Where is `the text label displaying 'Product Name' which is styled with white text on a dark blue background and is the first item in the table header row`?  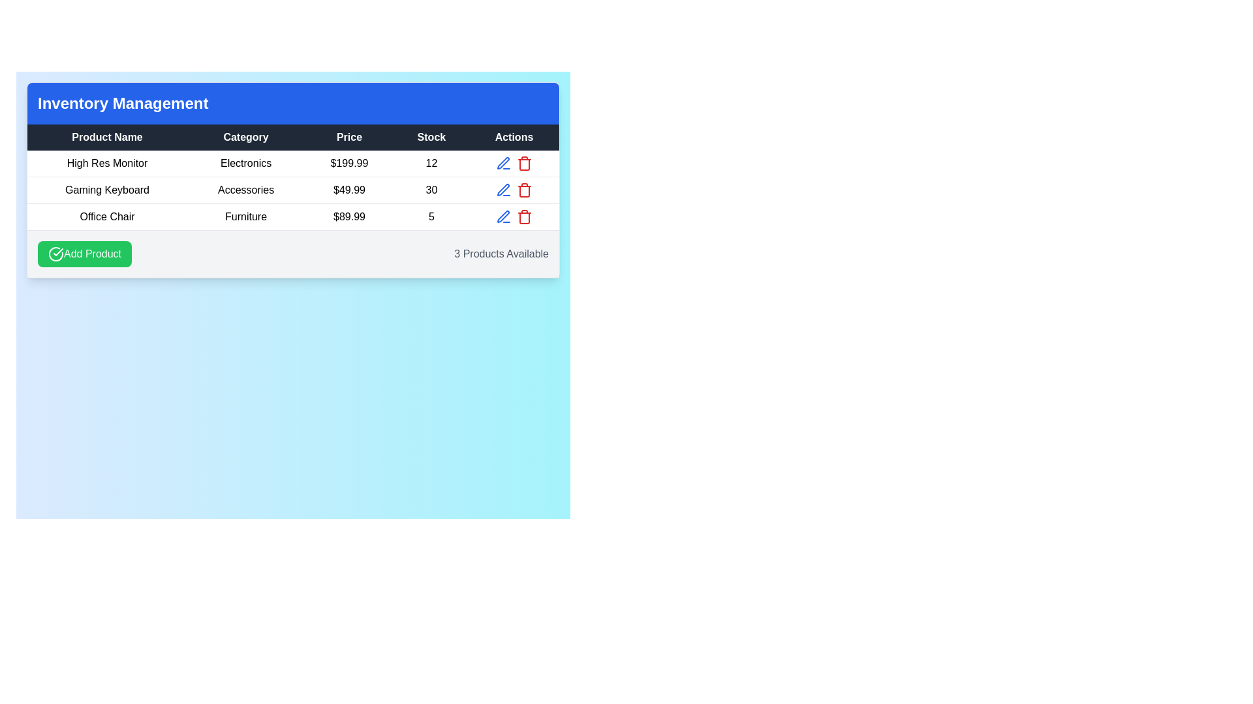
the text label displaying 'Product Name' which is styled with white text on a dark blue background and is the first item in the table header row is located at coordinates (107, 138).